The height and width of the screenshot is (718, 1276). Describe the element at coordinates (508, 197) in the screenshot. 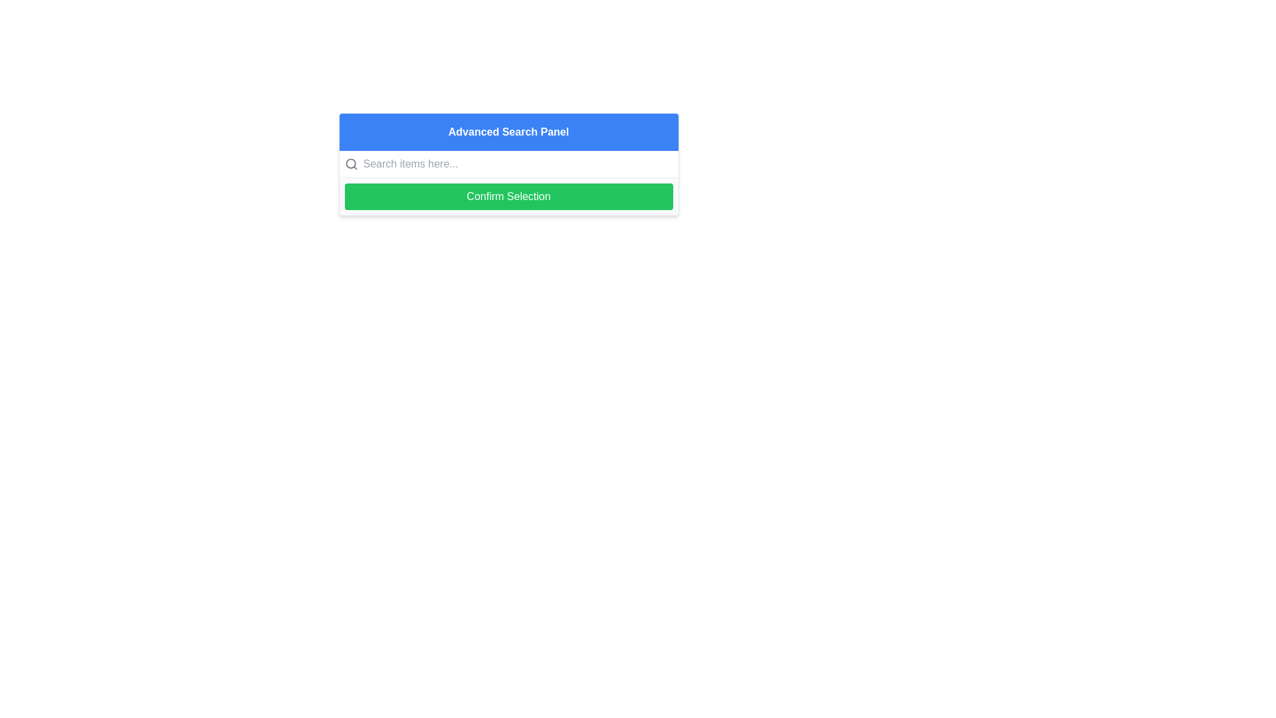

I see `the confirm button within the 'Advanced Search Panel'` at that location.